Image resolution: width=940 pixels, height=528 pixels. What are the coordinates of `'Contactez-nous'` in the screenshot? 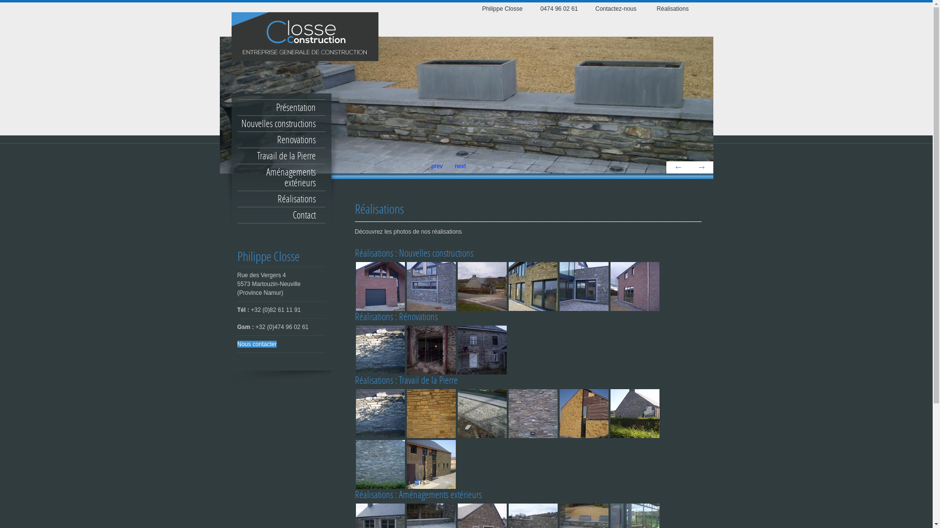 It's located at (615, 9).